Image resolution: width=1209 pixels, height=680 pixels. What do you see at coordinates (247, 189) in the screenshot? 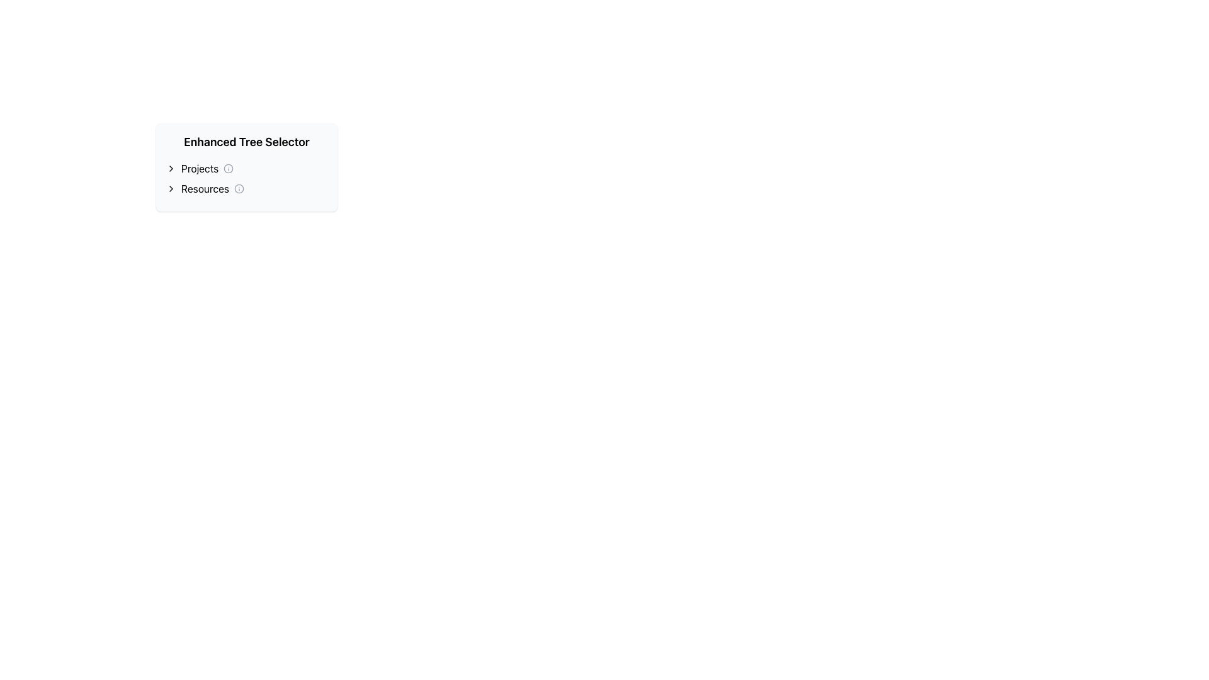
I see `the second interactive entry in the 'Enhanced Tree Selector'` at bounding box center [247, 189].